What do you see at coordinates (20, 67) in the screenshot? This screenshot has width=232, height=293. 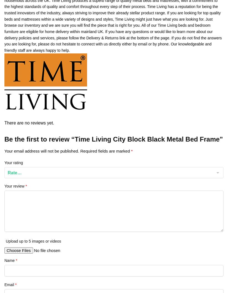 I see `'Customer Services'` at bounding box center [20, 67].